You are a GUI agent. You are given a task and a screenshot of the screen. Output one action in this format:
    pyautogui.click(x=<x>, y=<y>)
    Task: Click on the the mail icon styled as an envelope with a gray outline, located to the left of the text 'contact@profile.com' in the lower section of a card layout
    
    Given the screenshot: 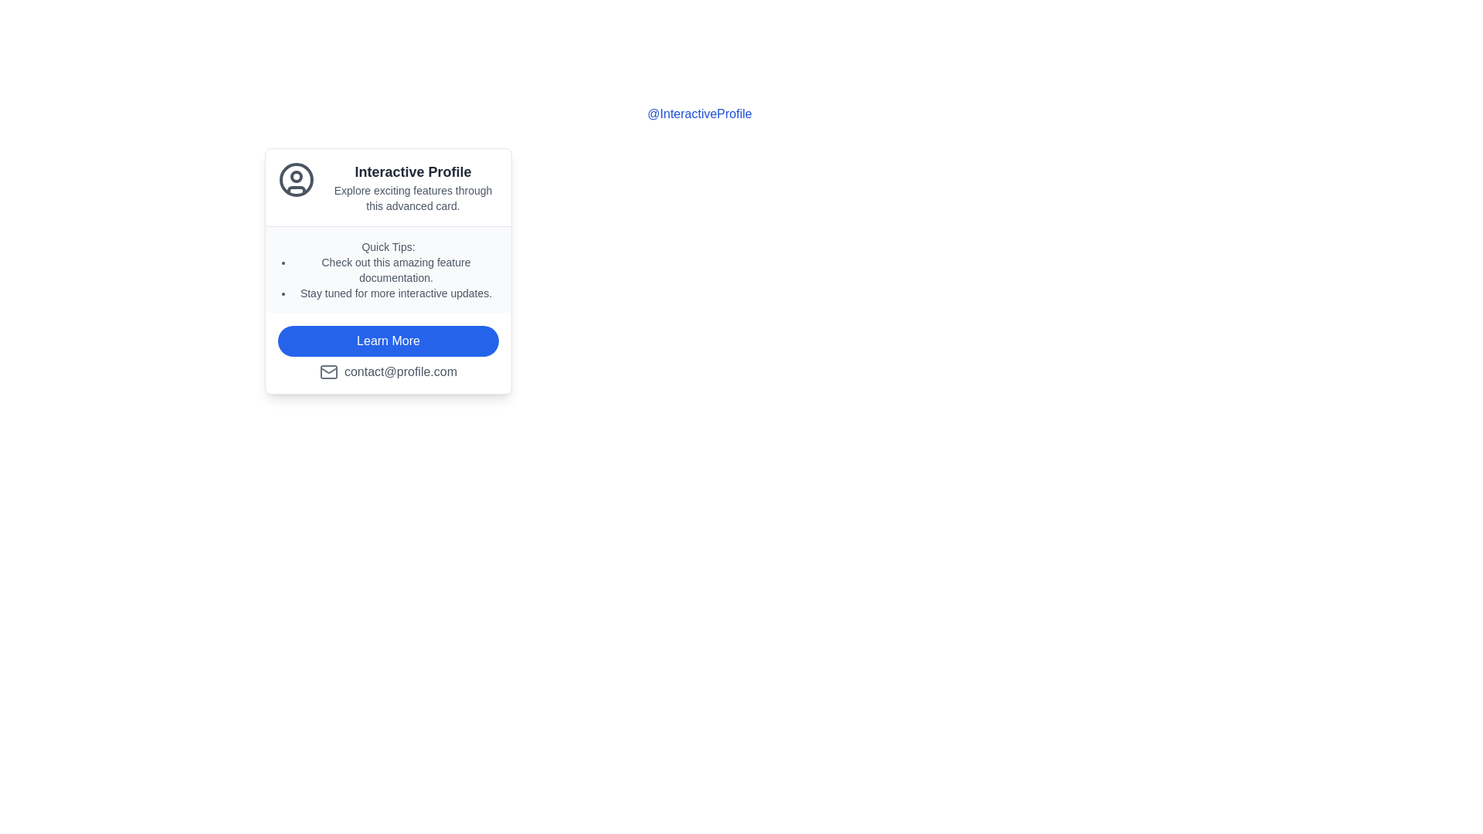 What is the action you would take?
    pyautogui.click(x=327, y=372)
    